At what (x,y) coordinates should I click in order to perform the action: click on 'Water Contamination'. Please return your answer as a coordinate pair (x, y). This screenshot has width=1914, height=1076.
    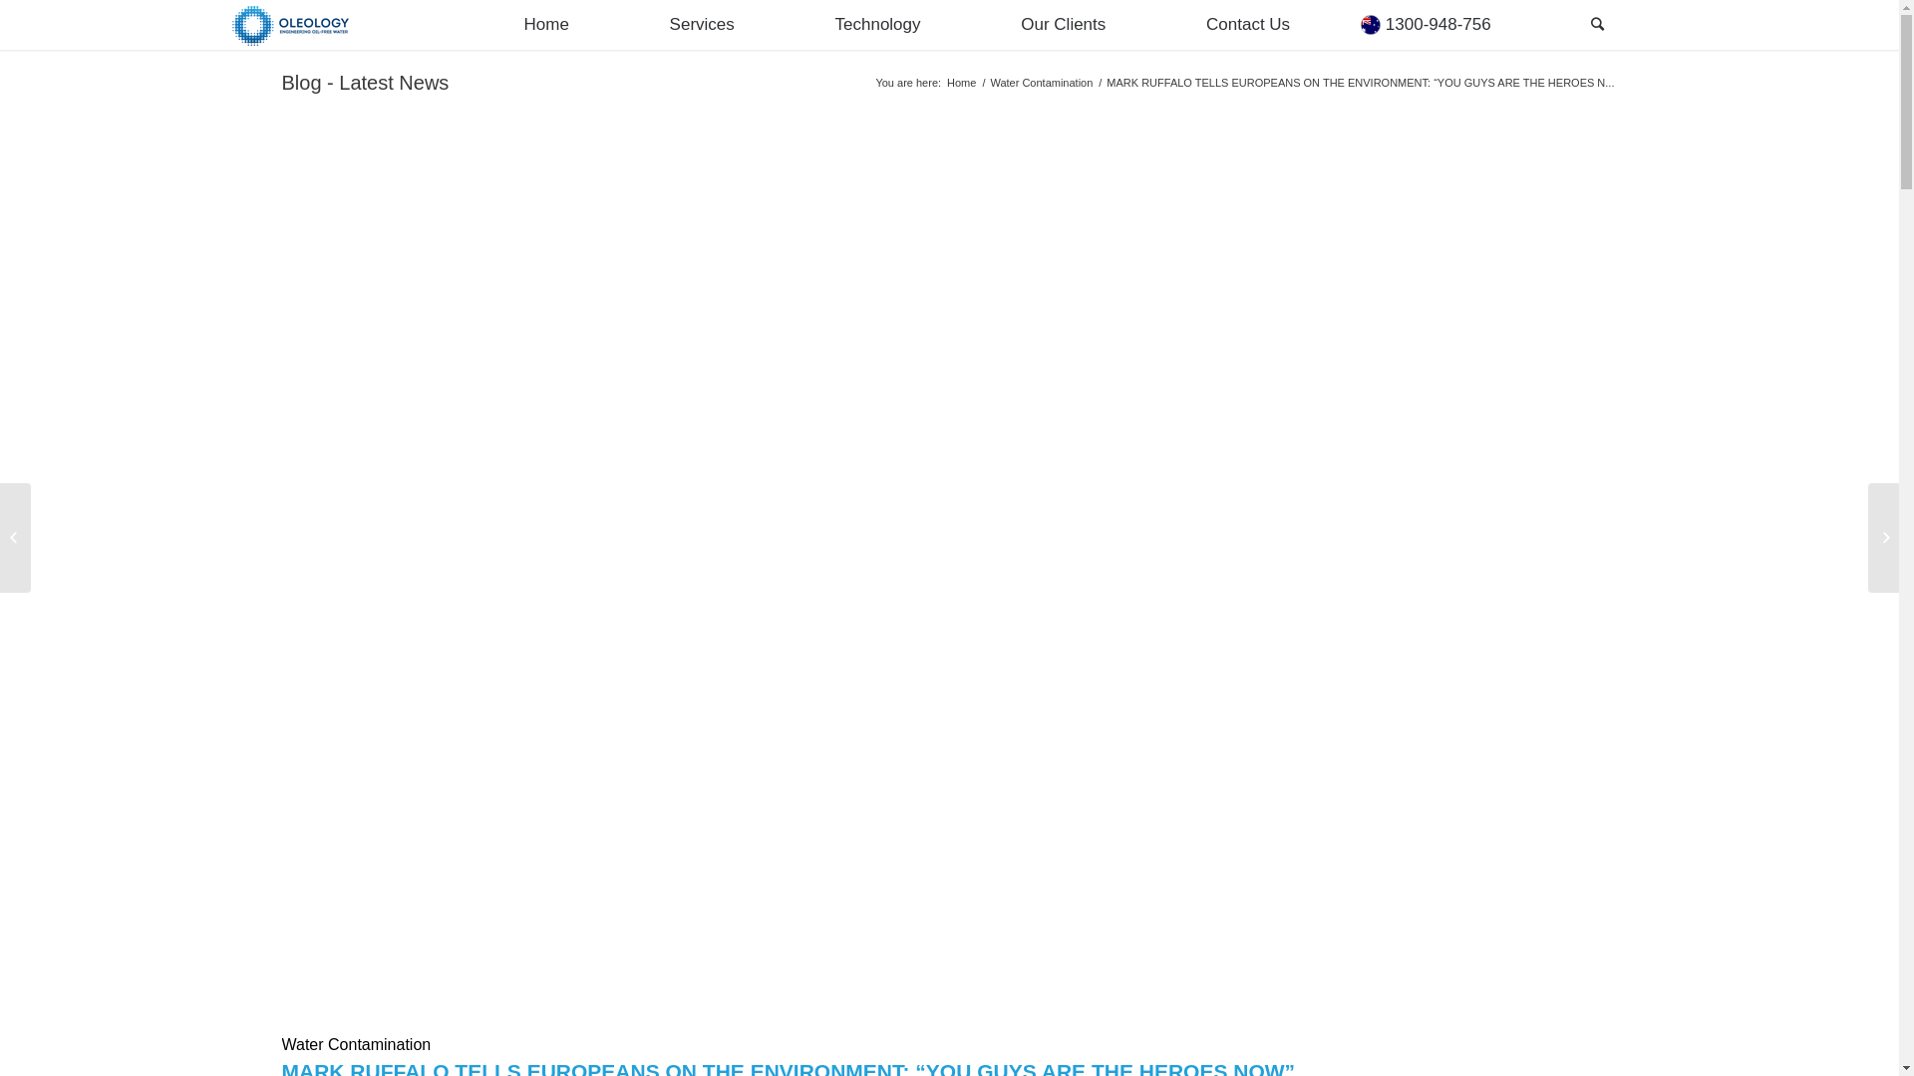
    Looking at the image, I should click on (1040, 82).